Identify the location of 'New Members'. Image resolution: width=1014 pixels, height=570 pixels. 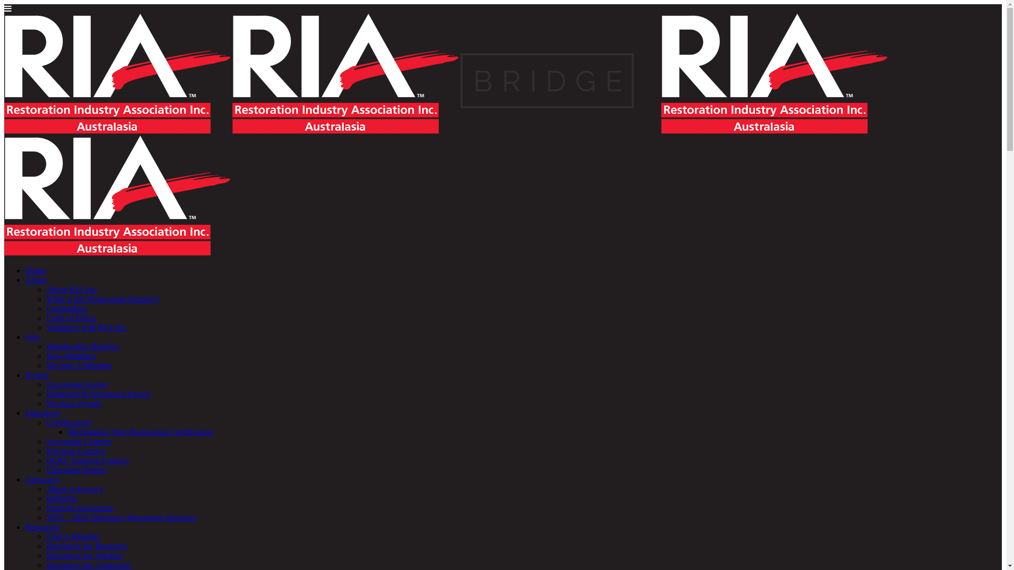
(71, 356).